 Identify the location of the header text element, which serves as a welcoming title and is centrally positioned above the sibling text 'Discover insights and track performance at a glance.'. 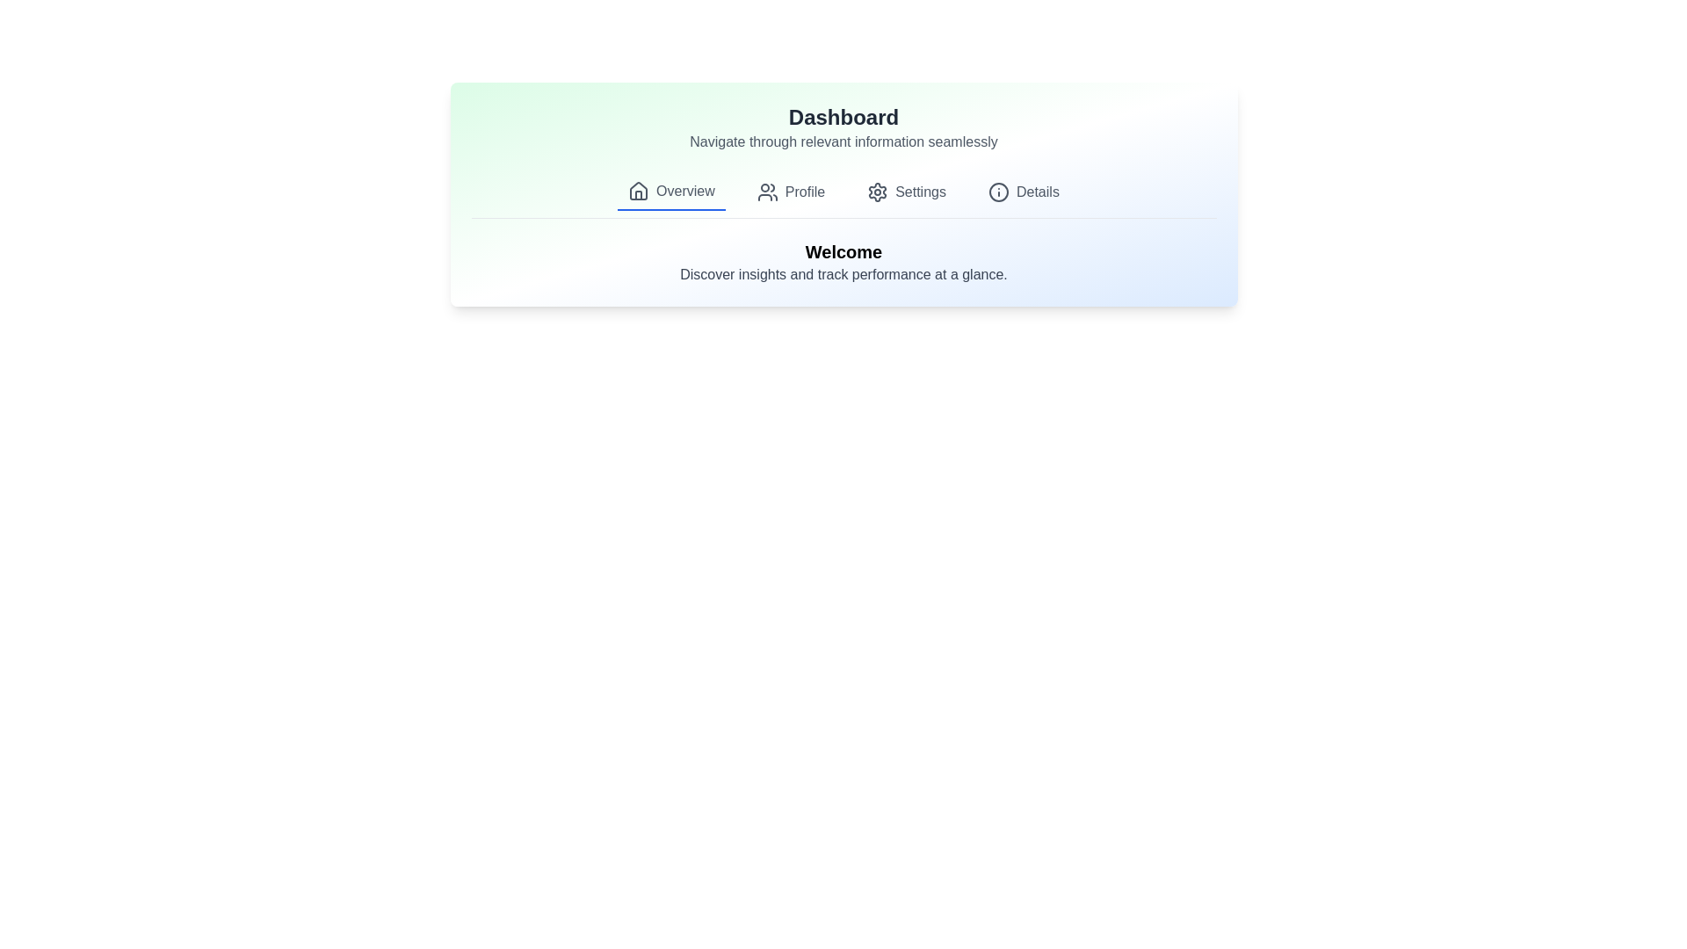
(843, 251).